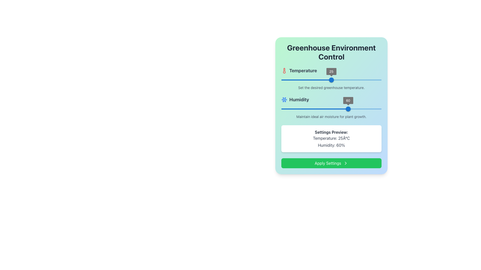 The image size is (481, 270). What do you see at coordinates (380, 108) in the screenshot?
I see `the humidity level` at bounding box center [380, 108].